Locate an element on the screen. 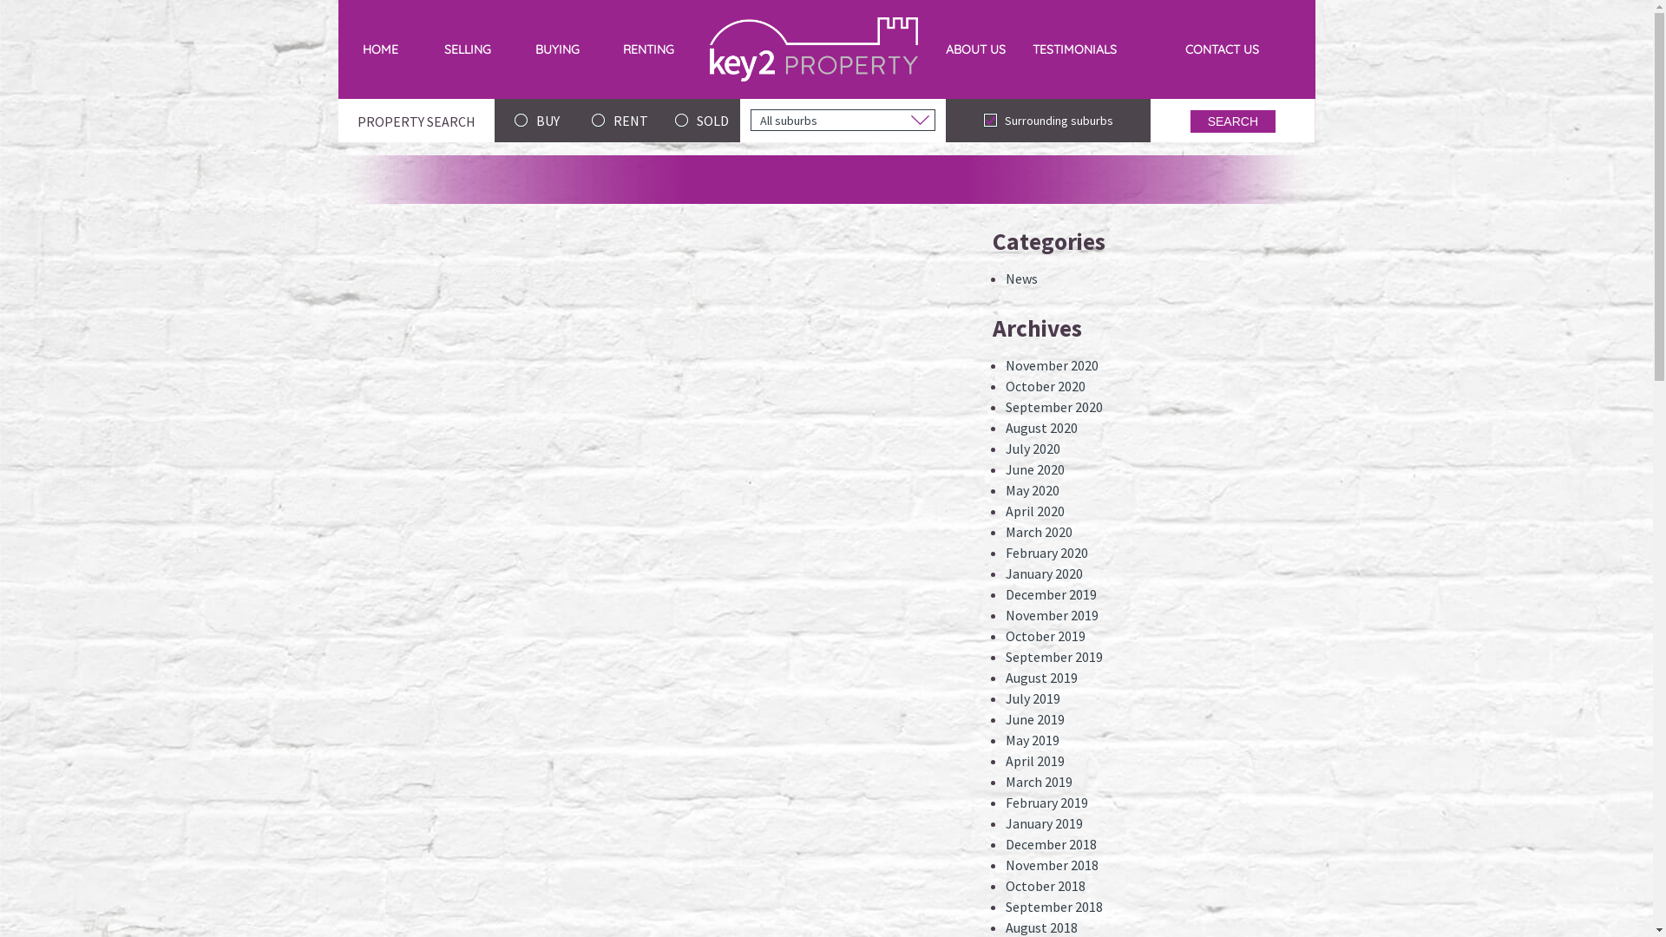 The image size is (1666, 937). 'BUYING' is located at coordinates (557, 49).